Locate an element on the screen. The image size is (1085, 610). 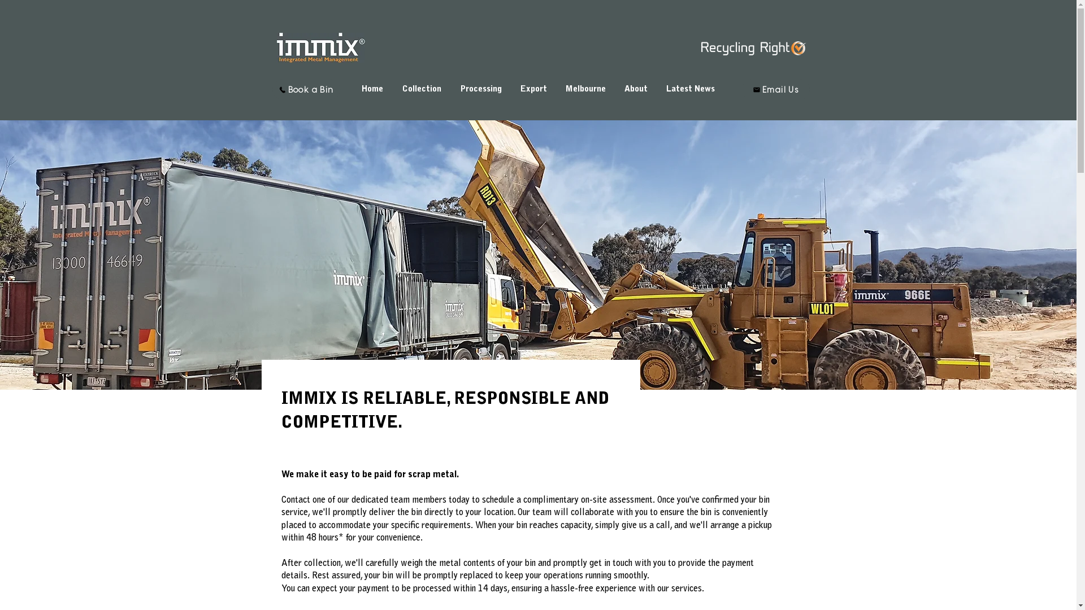
'Home' is located at coordinates (352, 89).